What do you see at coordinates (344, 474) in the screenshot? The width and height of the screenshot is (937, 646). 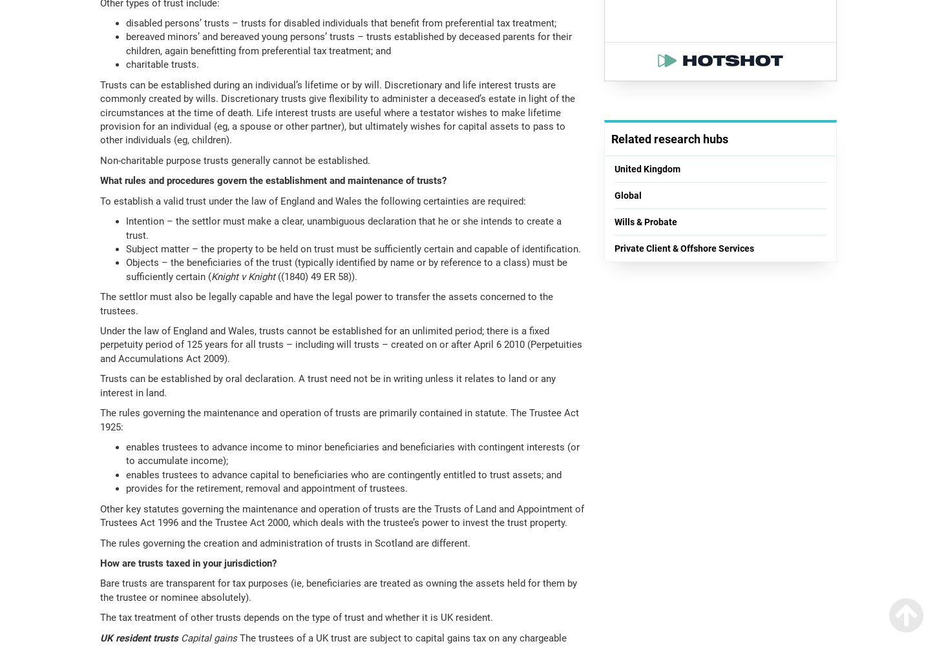 I see `'enables trustees to advance capital to beneficiaries who are contingently entitled to trust assets; and'` at bounding box center [344, 474].